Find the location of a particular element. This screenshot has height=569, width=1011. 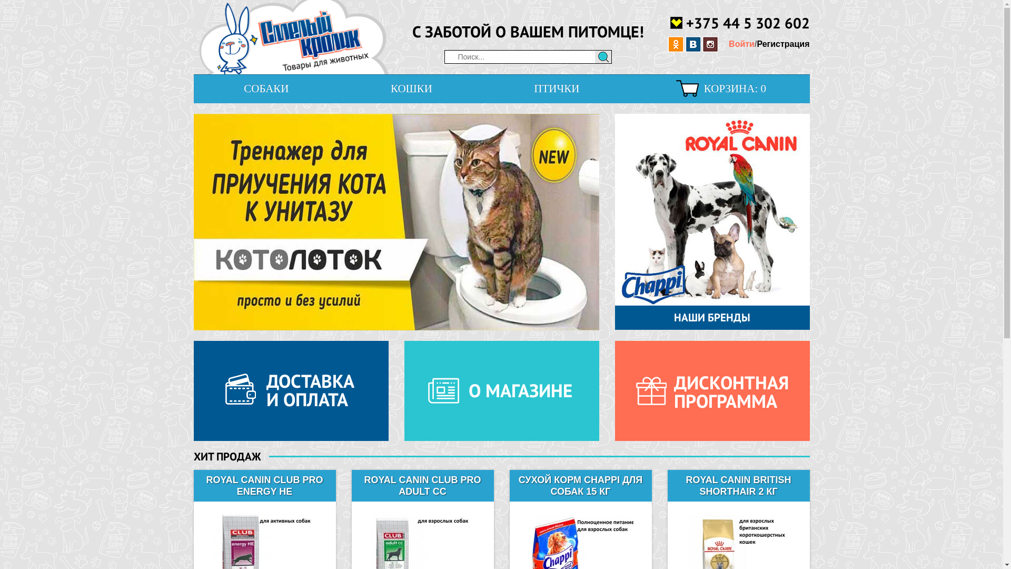

'+375 44 5 302 602' is located at coordinates (739, 22).